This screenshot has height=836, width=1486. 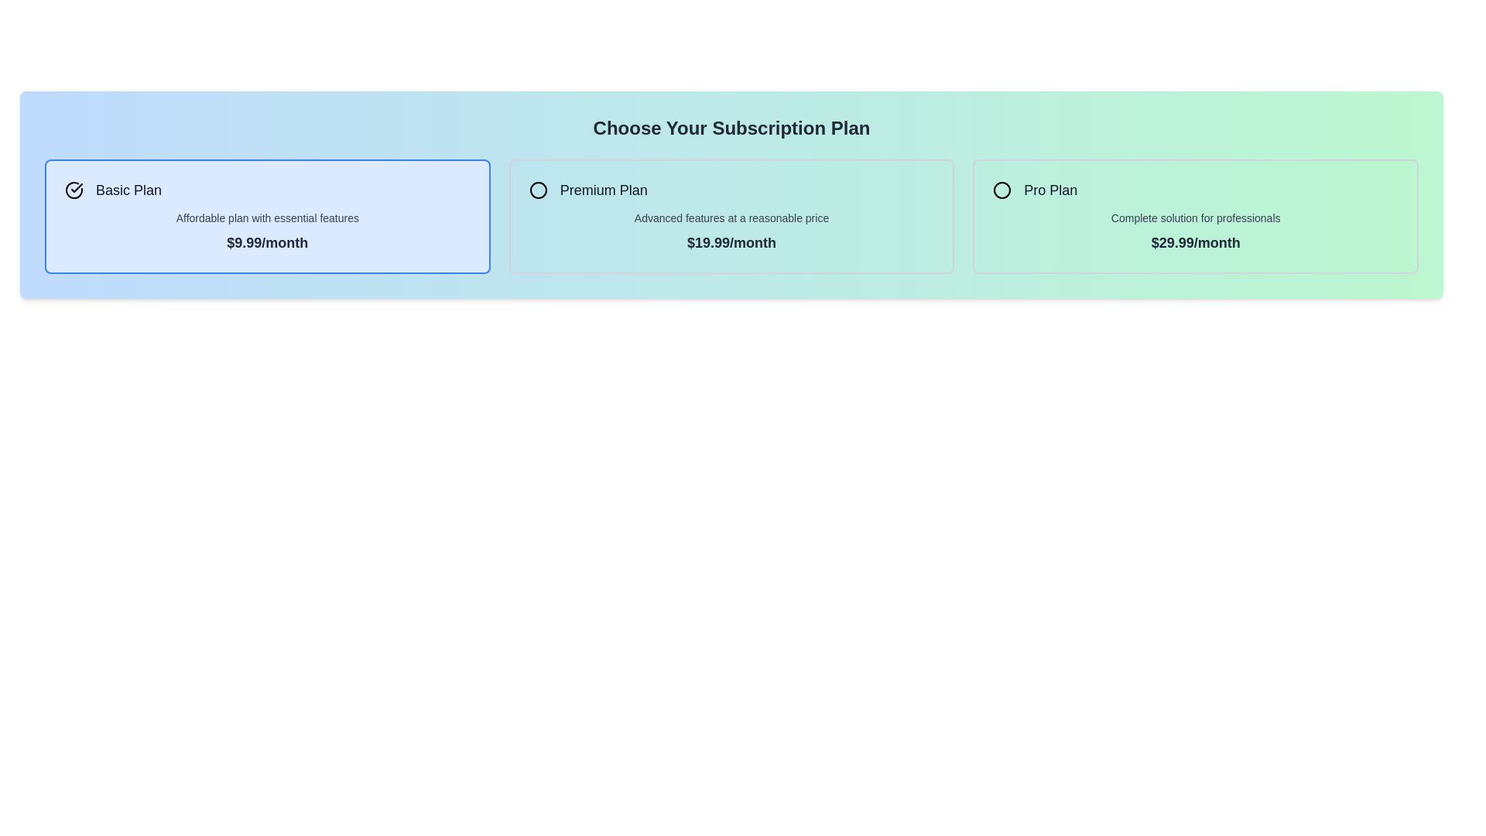 What do you see at coordinates (603, 190) in the screenshot?
I see `the 'Premium Plan' text label which serves as the title for the subscription option, located in the middle plan section of a three-column layout` at bounding box center [603, 190].